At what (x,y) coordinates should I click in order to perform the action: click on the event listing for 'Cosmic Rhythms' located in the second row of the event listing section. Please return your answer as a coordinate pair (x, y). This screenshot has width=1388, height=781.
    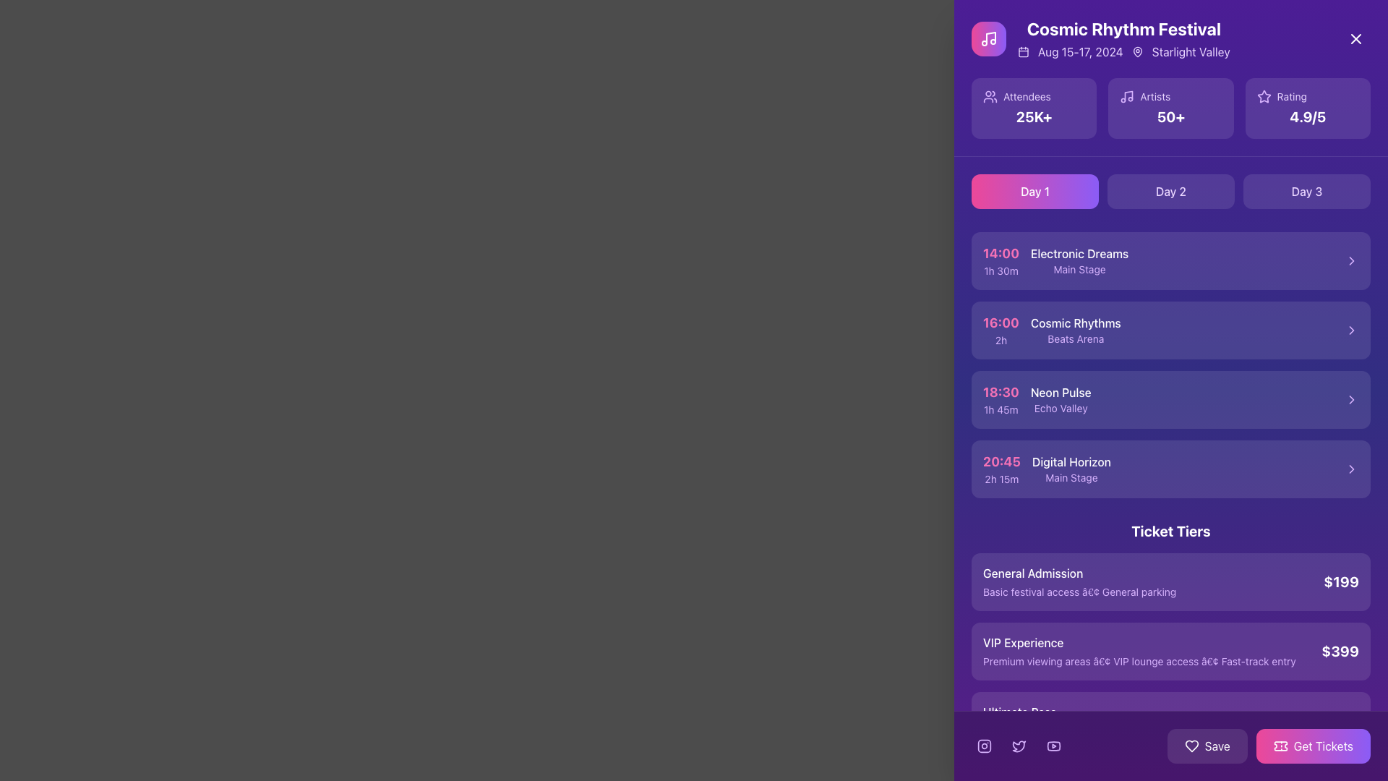
    Looking at the image, I should click on (1171, 330).